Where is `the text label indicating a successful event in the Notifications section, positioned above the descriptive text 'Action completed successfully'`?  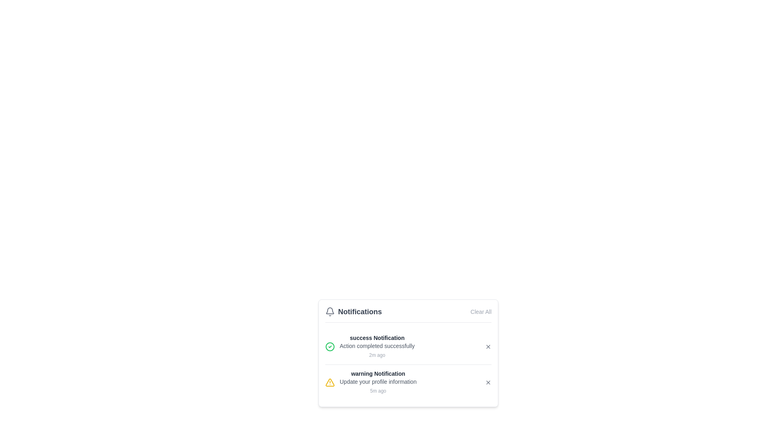 the text label indicating a successful event in the Notifications section, positioned above the descriptive text 'Action completed successfully' is located at coordinates (377, 338).